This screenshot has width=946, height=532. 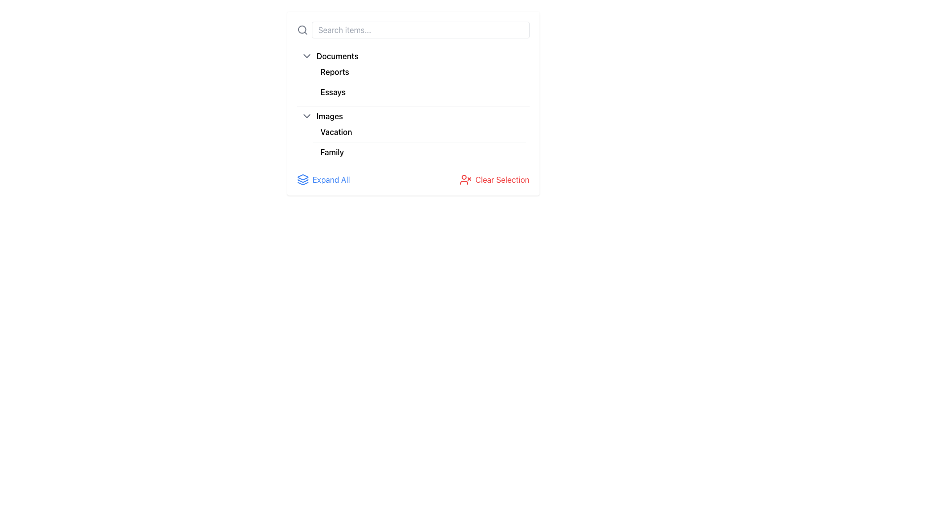 I want to click on the list item displaying 'Vacation', so click(x=419, y=132).